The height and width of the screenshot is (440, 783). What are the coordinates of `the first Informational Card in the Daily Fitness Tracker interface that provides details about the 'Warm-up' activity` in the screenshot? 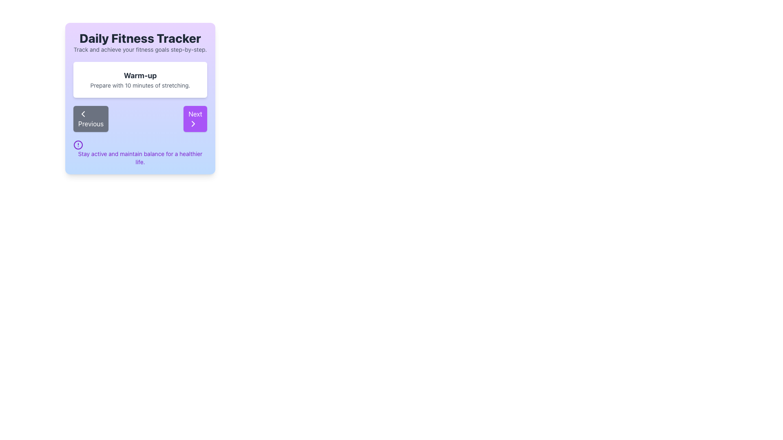 It's located at (140, 80).